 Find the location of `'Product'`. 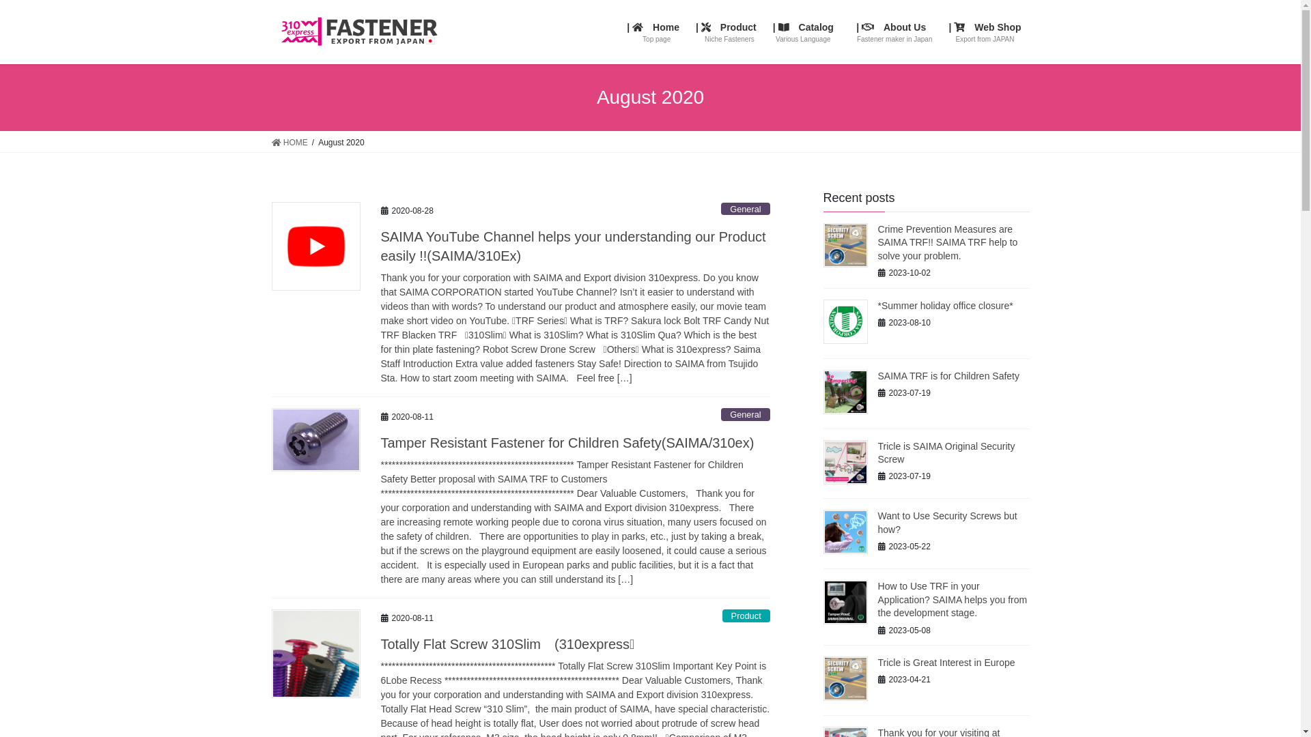

'Product' is located at coordinates (746, 616).